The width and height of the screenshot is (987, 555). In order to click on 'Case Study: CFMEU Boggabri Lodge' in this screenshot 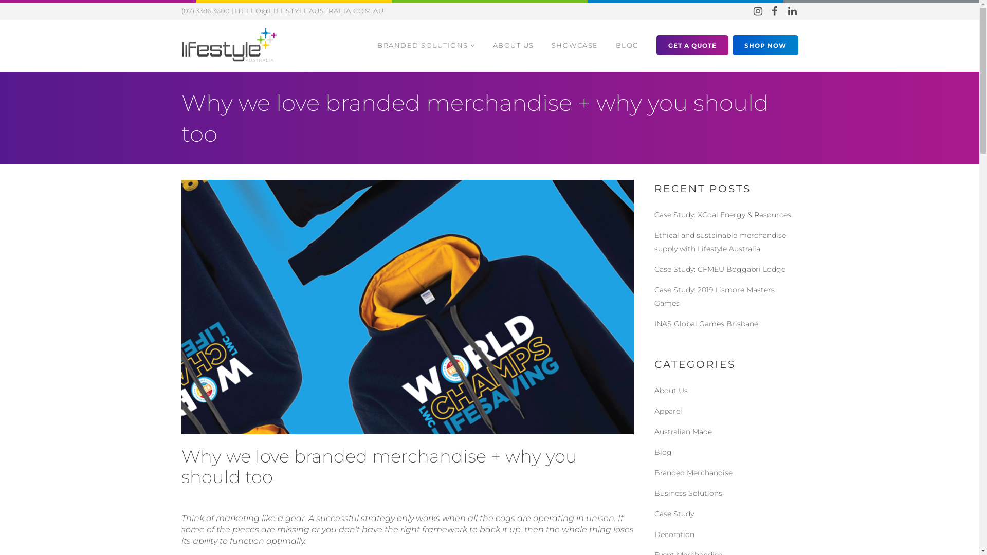, I will do `click(719, 269)`.